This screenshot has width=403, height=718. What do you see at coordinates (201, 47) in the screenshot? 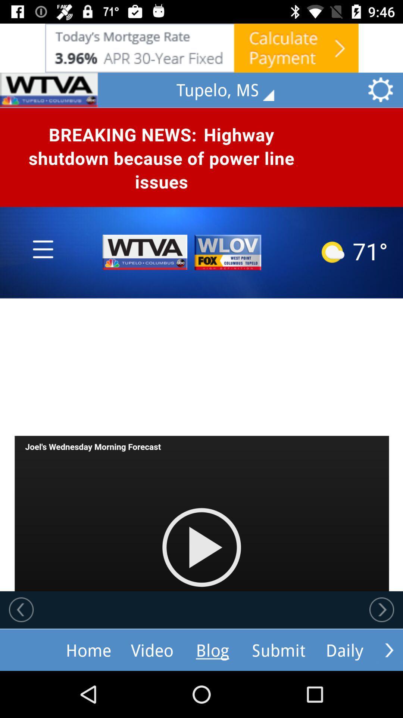
I see `the advertised website` at bounding box center [201, 47].